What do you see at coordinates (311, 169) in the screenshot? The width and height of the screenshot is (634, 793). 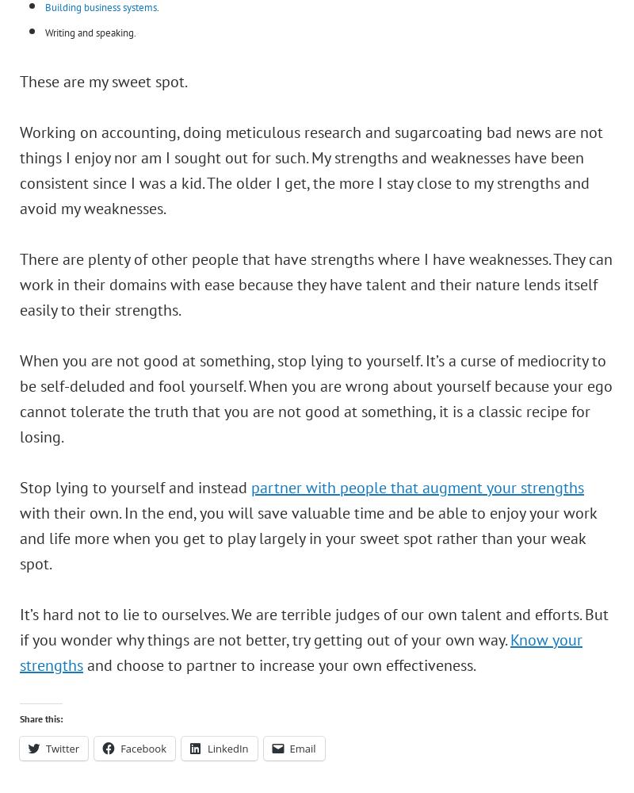 I see `'Working on accounting, doing meticulous research and sugarcoating bad news are not things I enjoy nor am I sought out for such. My strengths and weaknesses have been consistent since I was a kid. The older I get, the more I stay close to my strengths and avoid my weaknesses.'` at bounding box center [311, 169].